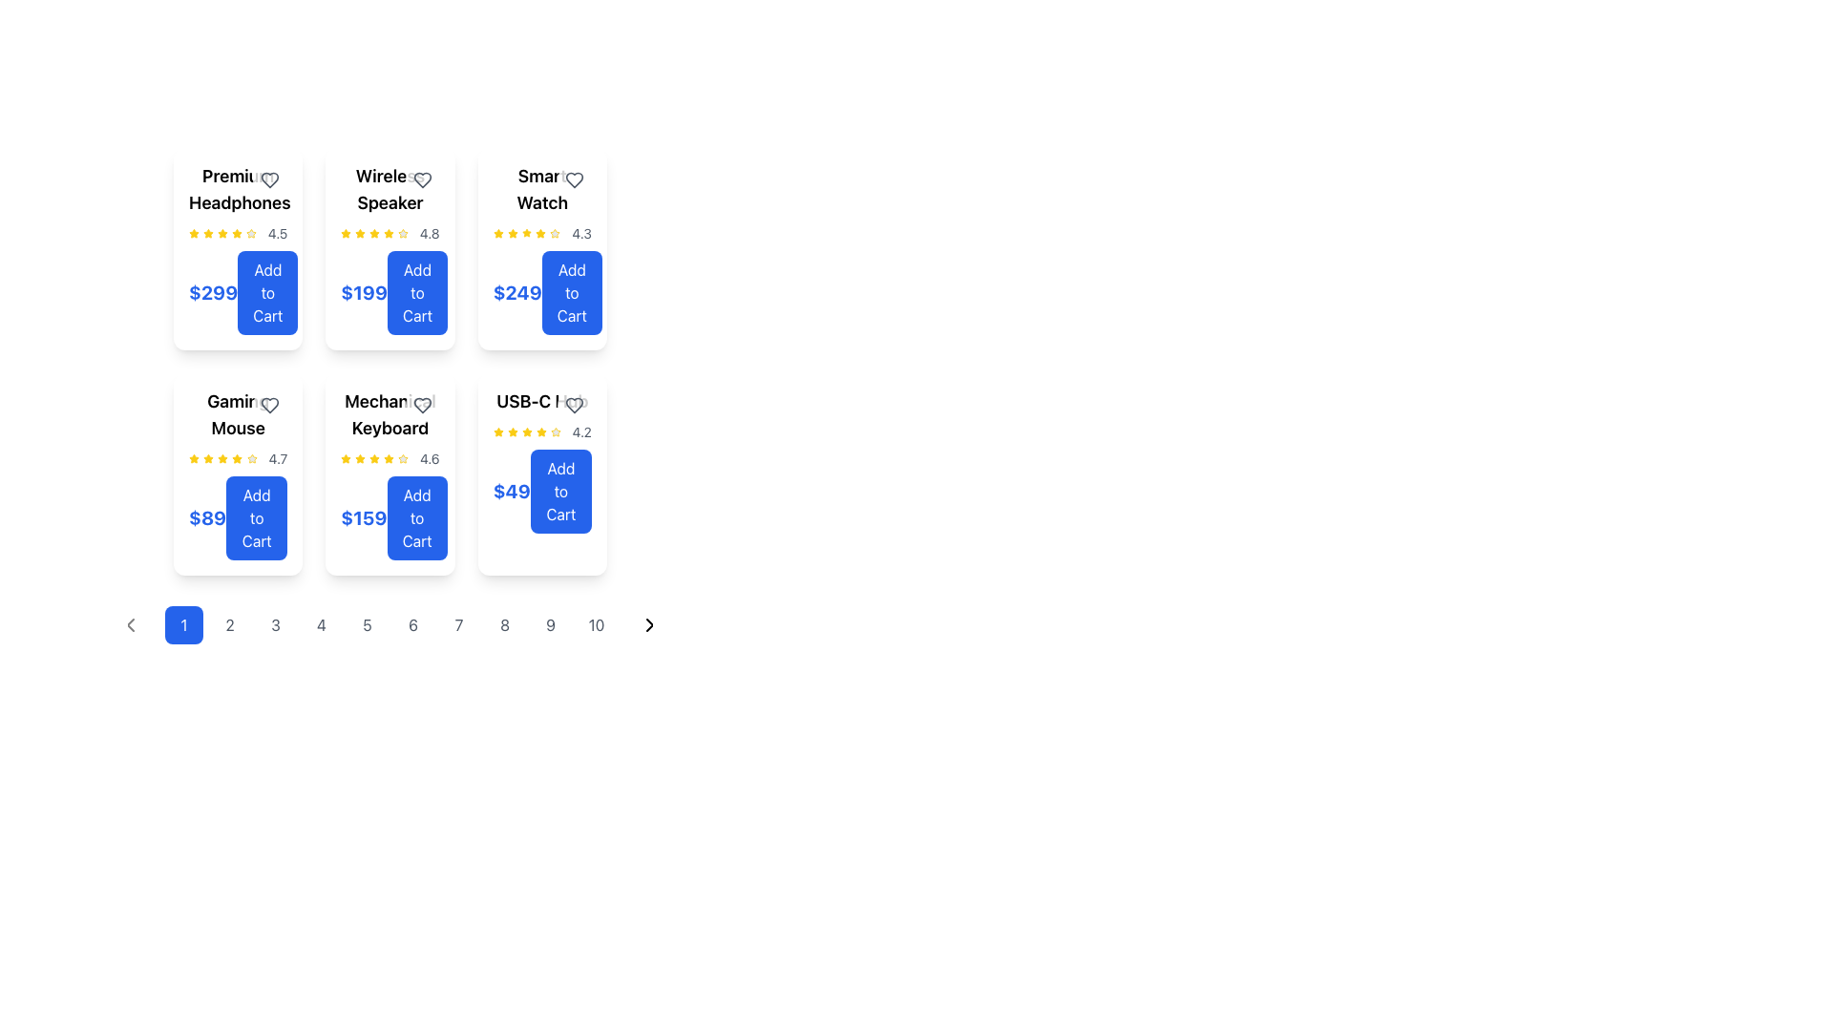 This screenshot has width=1833, height=1031. What do you see at coordinates (364, 293) in the screenshot?
I see `the Price tag label, which displays the cost of the product in the second product card of the first row, located above the 'Add to Cart' button` at bounding box center [364, 293].